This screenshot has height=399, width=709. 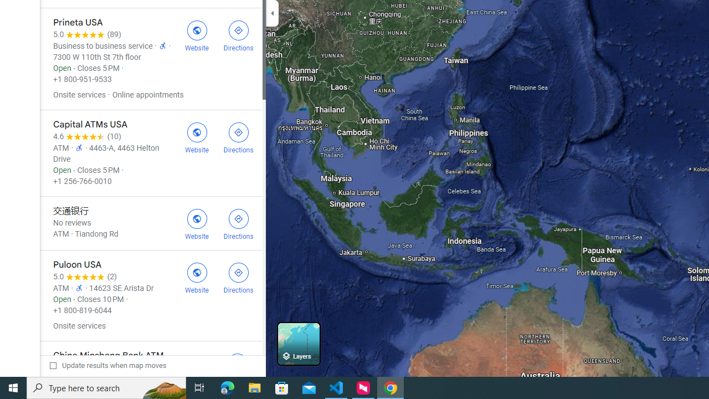 What do you see at coordinates (197, 34) in the screenshot?
I see `'Visit Prineta USA'` at bounding box center [197, 34].